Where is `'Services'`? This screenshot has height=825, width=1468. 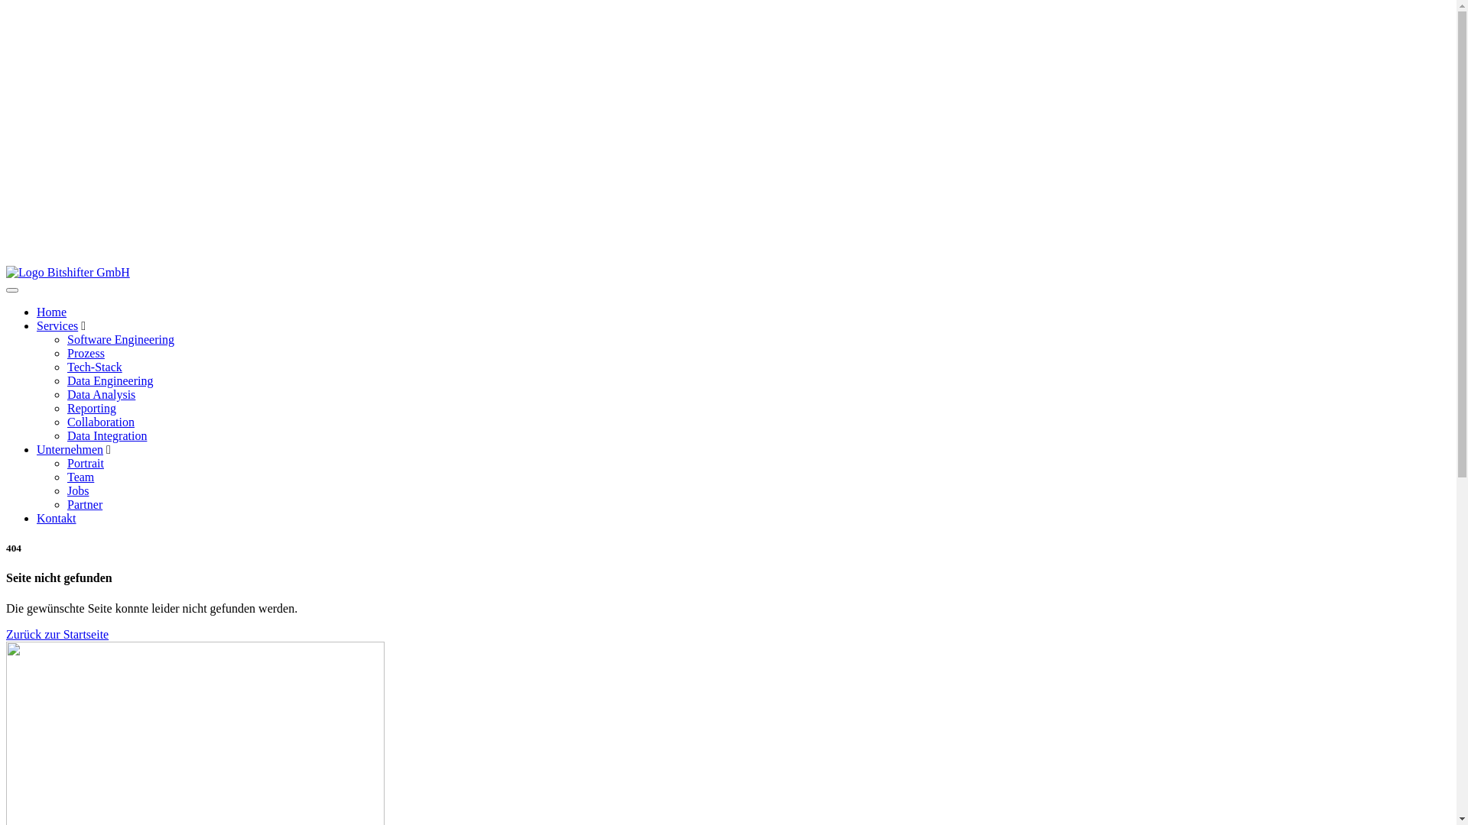 'Services' is located at coordinates (57, 325).